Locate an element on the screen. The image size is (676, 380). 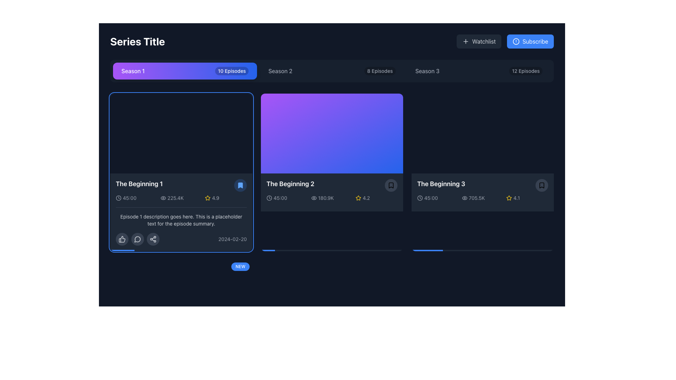
the text display representing the duration of the episode located near the top-left of the episode details block for 'The Beginning 1', which is the first textual part in a row containing an icon and other details is located at coordinates (130, 198).